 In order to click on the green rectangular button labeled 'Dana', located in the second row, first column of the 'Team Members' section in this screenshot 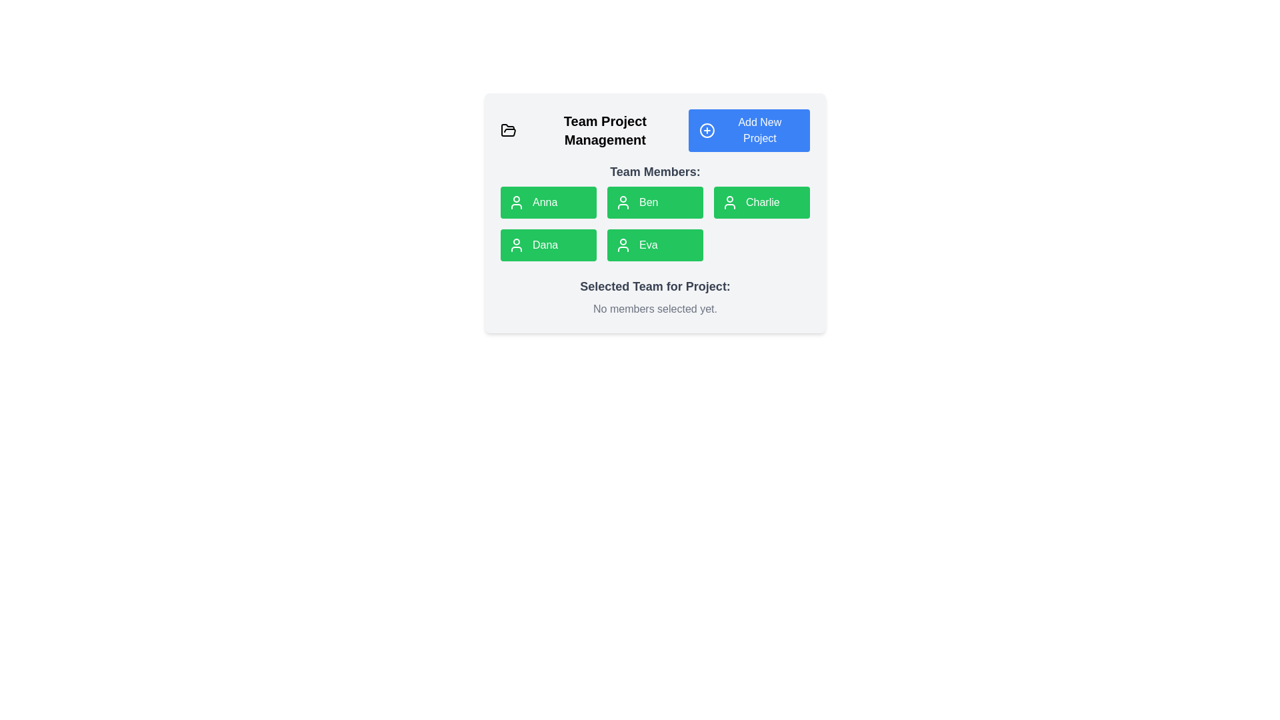, I will do `click(548, 245)`.